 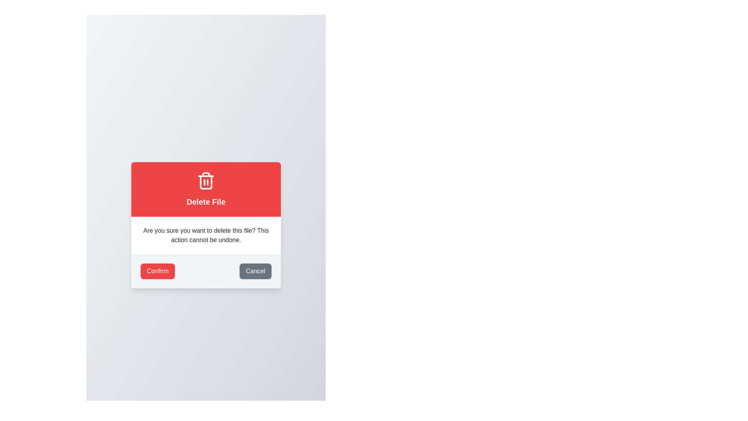 I want to click on the trash bin icon located in the red rectangular section of the dialog box, which is situated above the 'Delete File' text, so click(x=206, y=180).